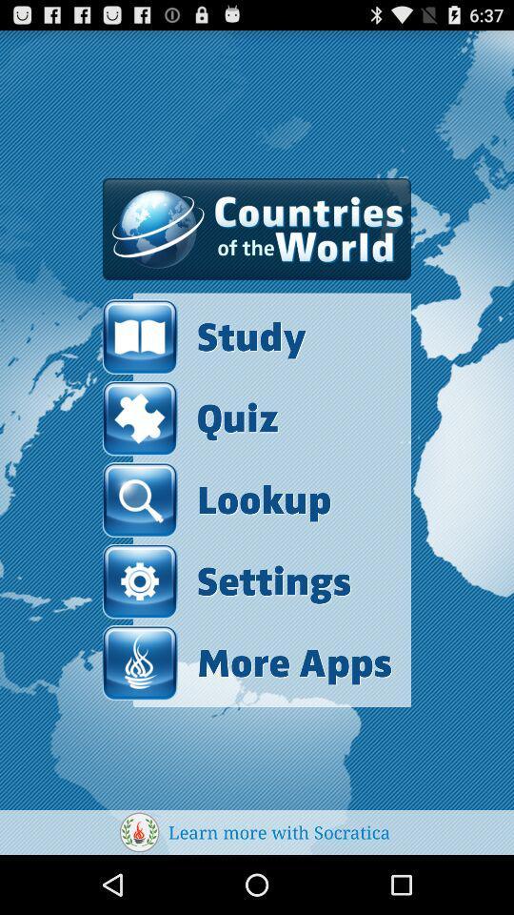 The height and width of the screenshot is (915, 514). What do you see at coordinates (247, 662) in the screenshot?
I see `the more apps item` at bounding box center [247, 662].